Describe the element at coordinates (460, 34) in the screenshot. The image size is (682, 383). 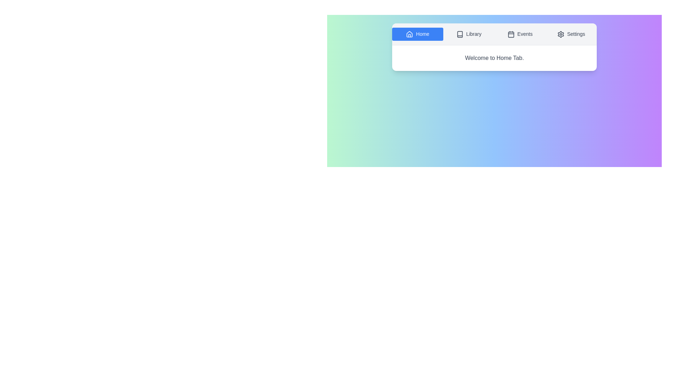
I see `the blue book icon located in the navigation bar next to the 'Library' text label` at that location.